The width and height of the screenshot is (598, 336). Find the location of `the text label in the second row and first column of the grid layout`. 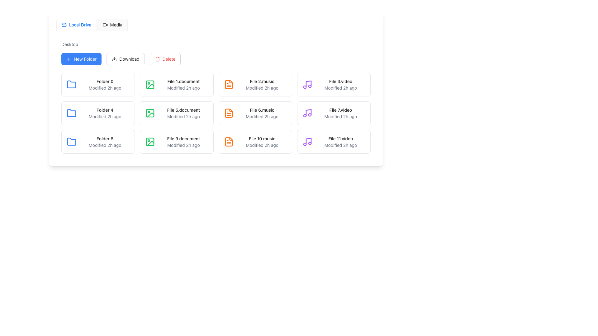

the text label in the second row and first column of the grid layout is located at coordinates (105, 110).